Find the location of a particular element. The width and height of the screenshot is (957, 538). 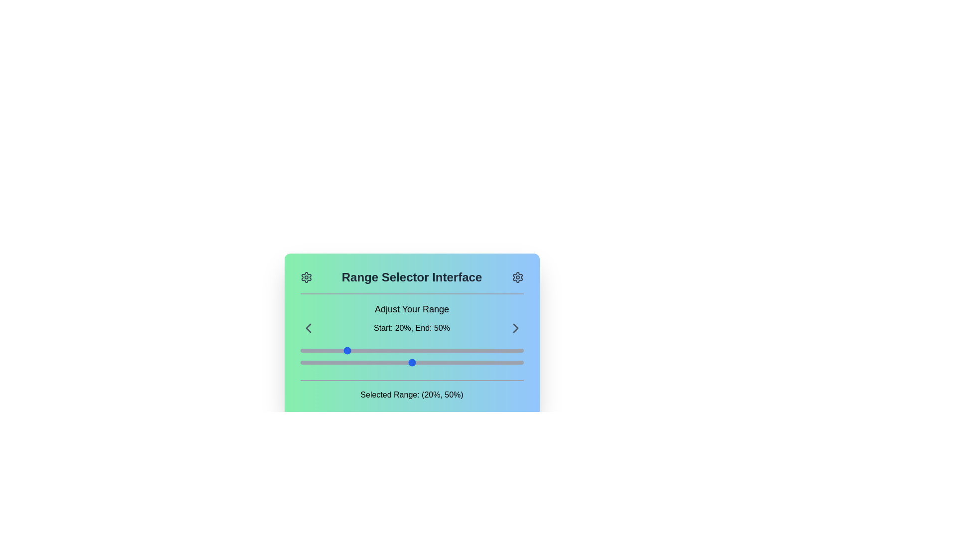

displayed range details from the interactive interface component with a colorful gradient background and rounded corners, positioned centrally below the title header is located at coordinates (412, 335).